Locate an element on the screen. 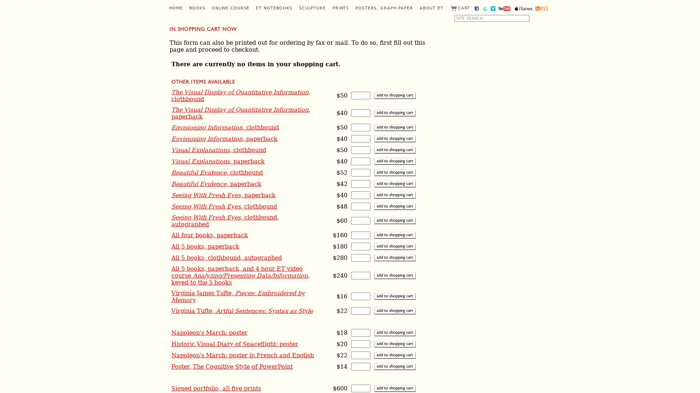 The width and height of the screenshot is (700, 393). add to shopping cart is located at coordinates (394, 296).